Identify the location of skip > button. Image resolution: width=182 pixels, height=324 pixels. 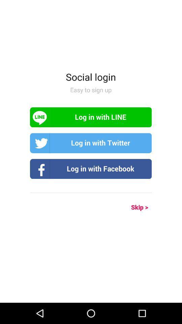
(132, 207).